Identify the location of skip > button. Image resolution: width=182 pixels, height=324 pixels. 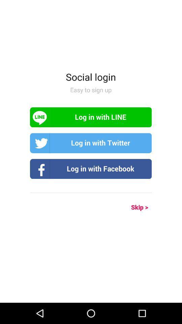
(132, 207).